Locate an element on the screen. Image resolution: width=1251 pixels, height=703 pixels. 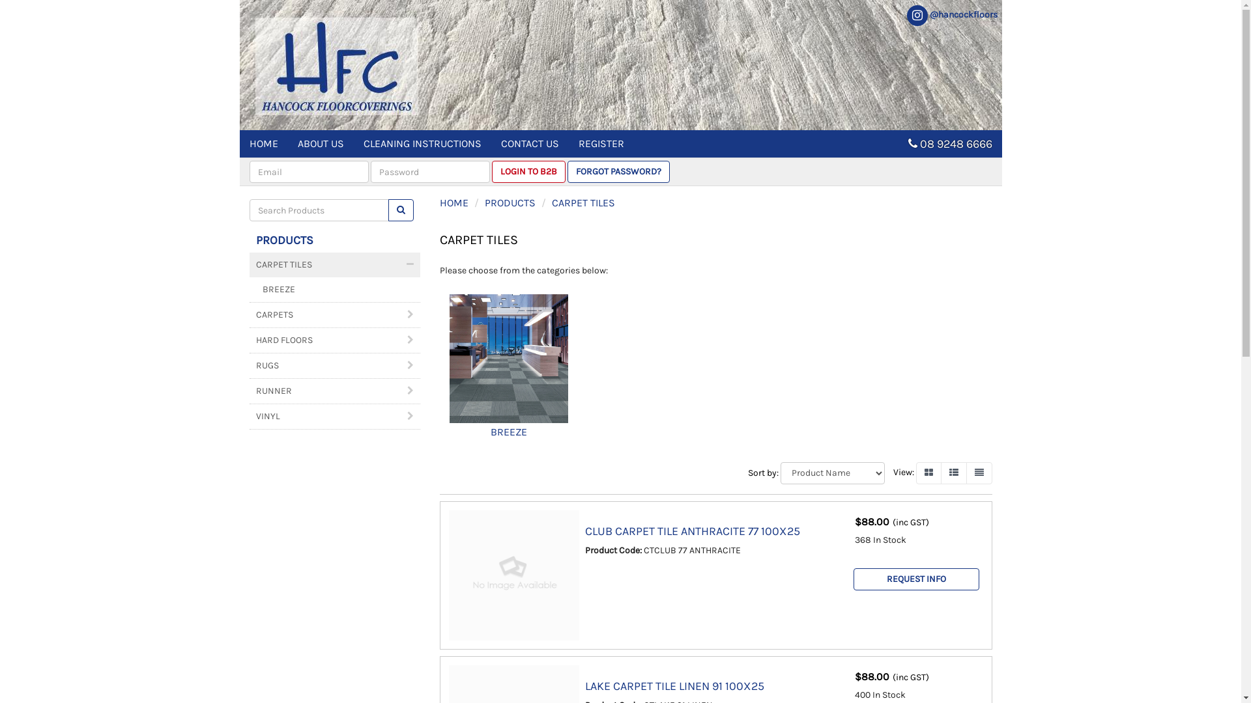
'CLUB CARPET TILE ANTHRACITE 77 100X25' is located at coordinates (691, 531).